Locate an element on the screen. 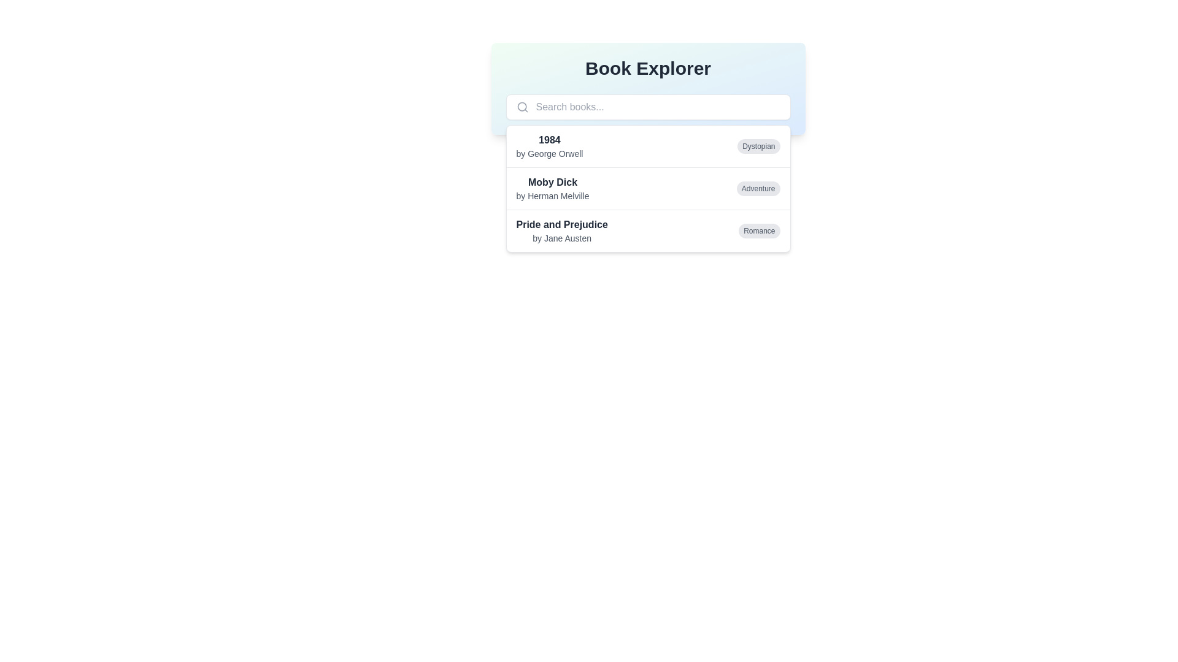  the label displaying 'Moby Dick' by Herman Melville, which is the second item in the vertical list of the 'Book Explorer' interface is located at coordinates (552, 189).